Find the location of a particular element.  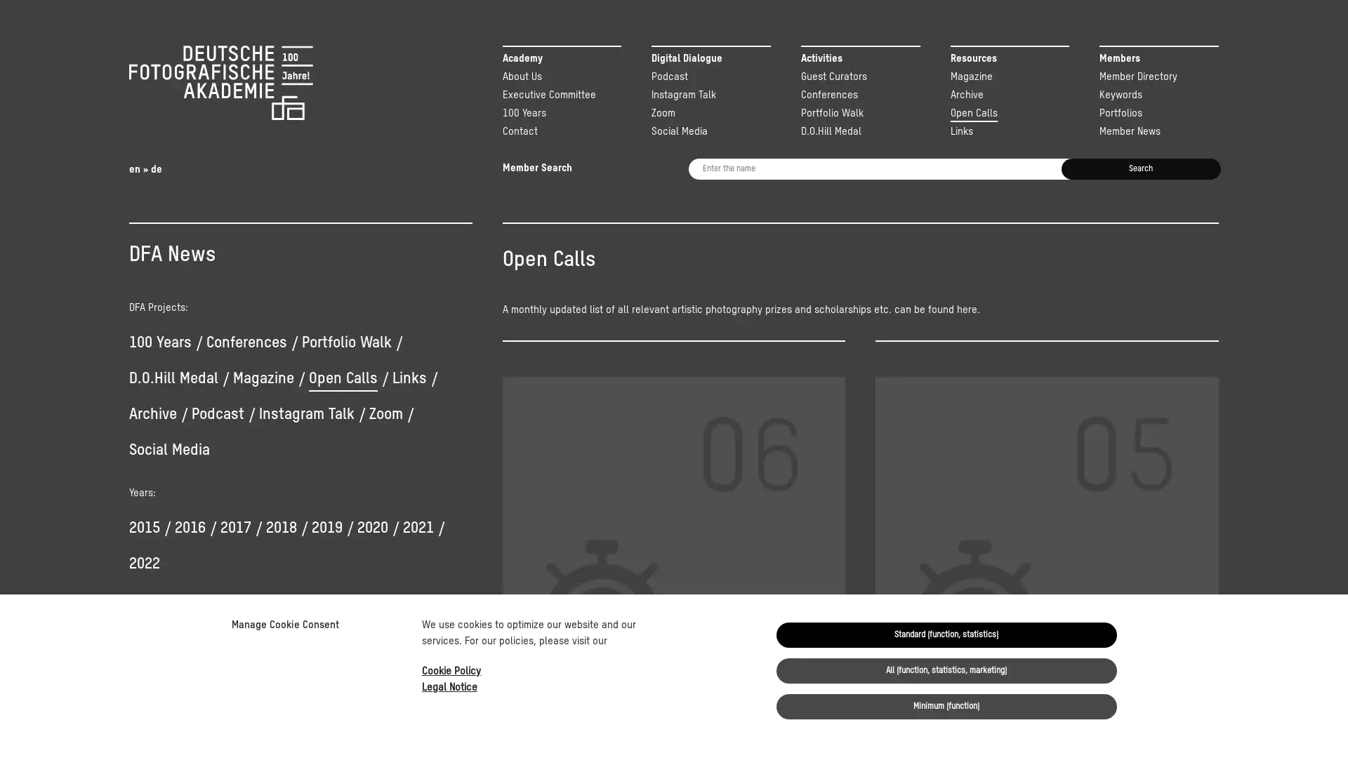

Yes is located at coordinates (140, 641).